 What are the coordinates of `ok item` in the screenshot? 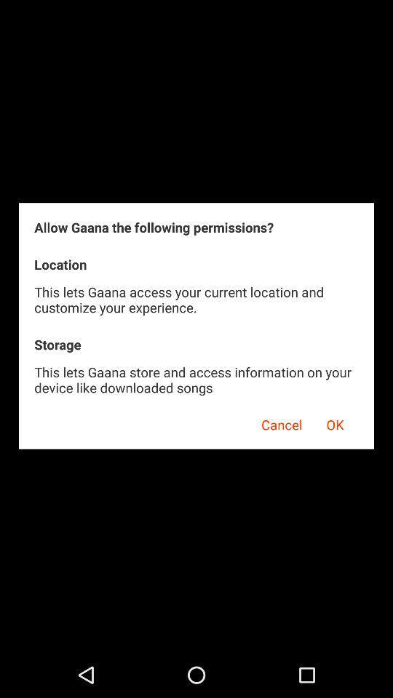 It's located at (335, 422).